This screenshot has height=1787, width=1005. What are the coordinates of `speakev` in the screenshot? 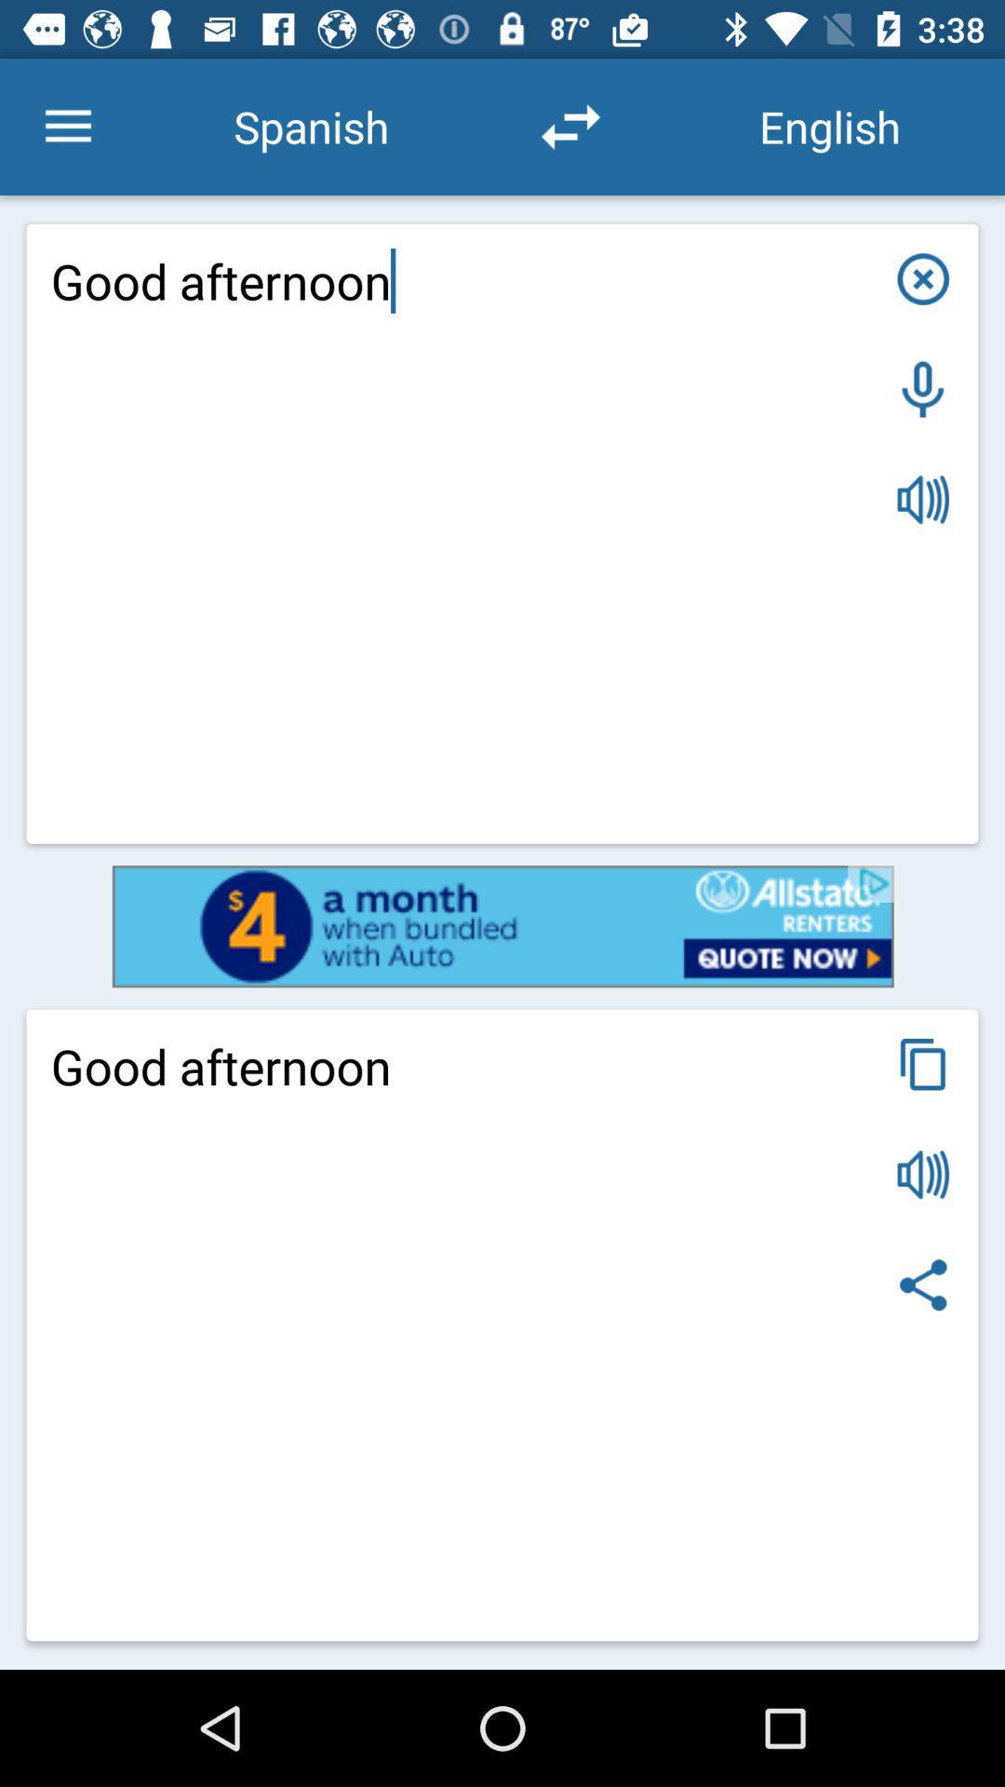 It's located at (923, 1174).